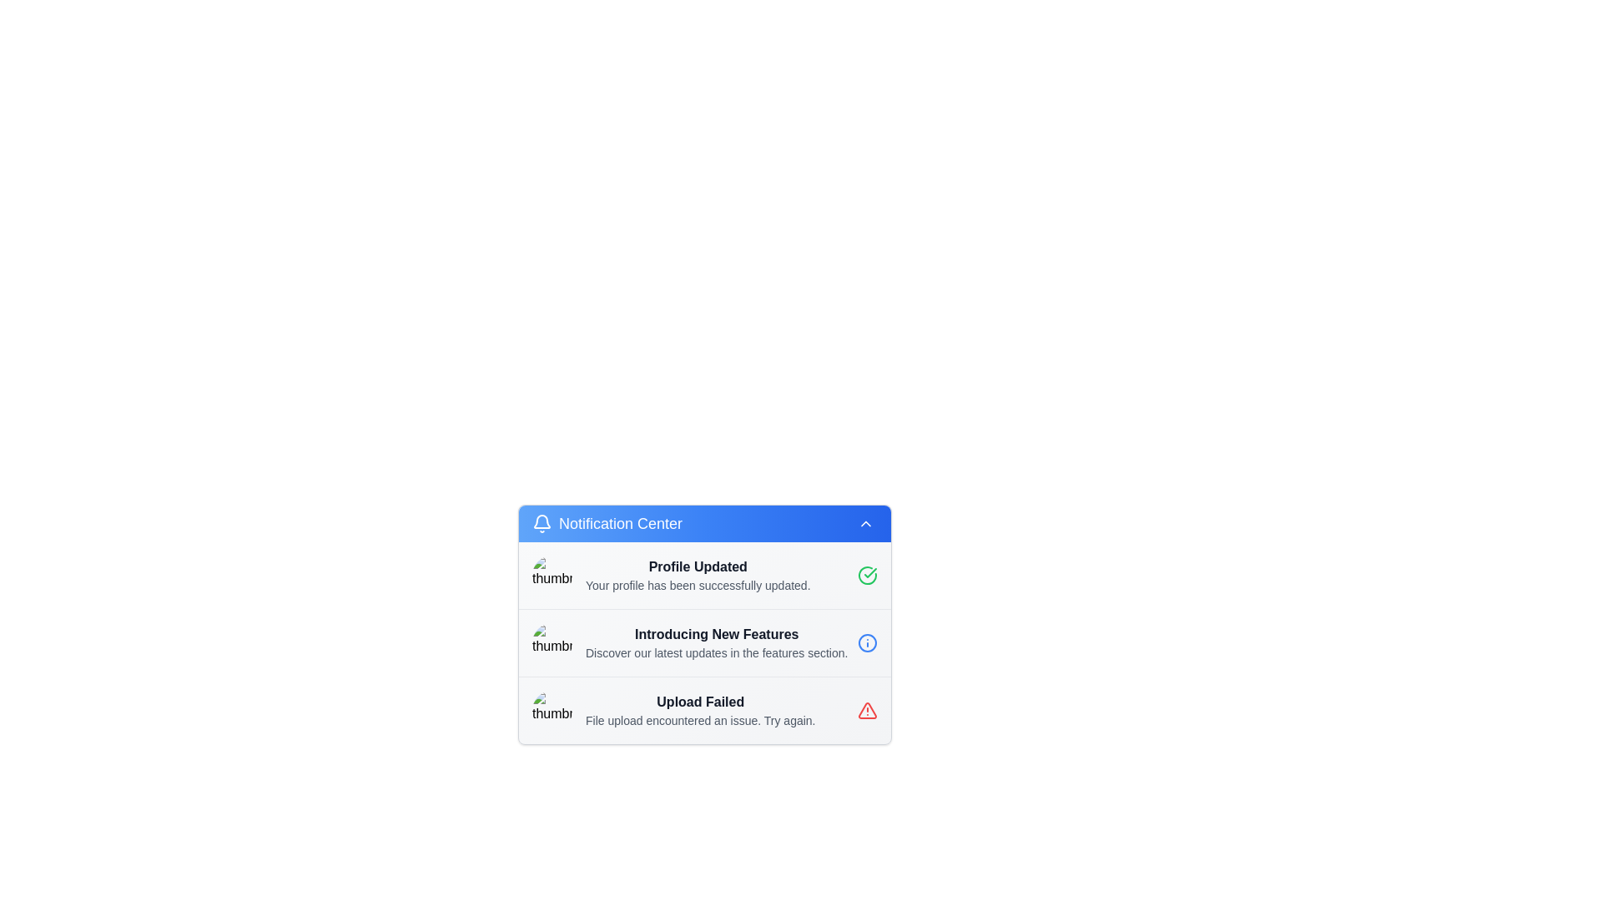 Image resolution: width=1602 pixels, height=901 pixels. I want to click on the circular-thumbnail image in the Notification Center pop-up, which represents the 'Upload Failed' notification, located to the left of the text, so click(552, 711).